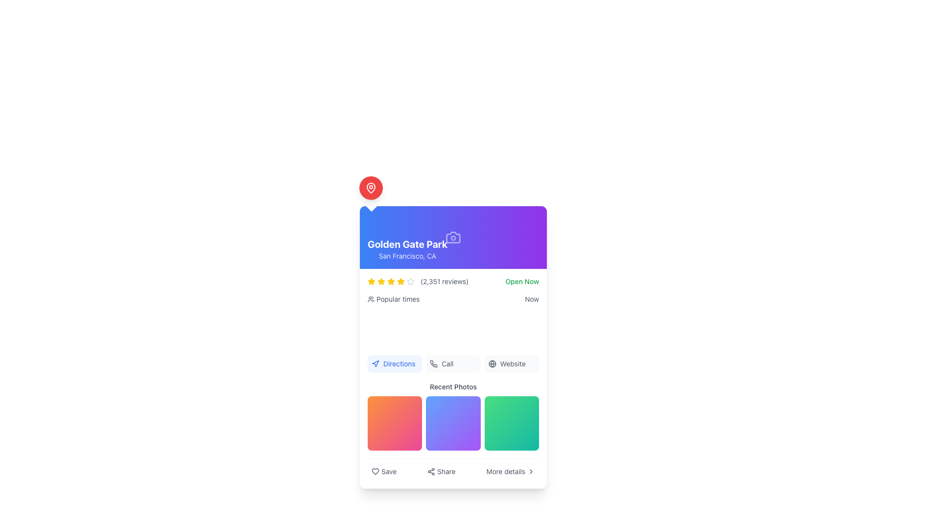  What do you see at coordinates (394, 298) in the screenshot?
I see `the 'Popular times' text element with an associated group of people icon, located under the star ratings and above options like 'Directions' and 'Call'` at bounding box center [394, 298].